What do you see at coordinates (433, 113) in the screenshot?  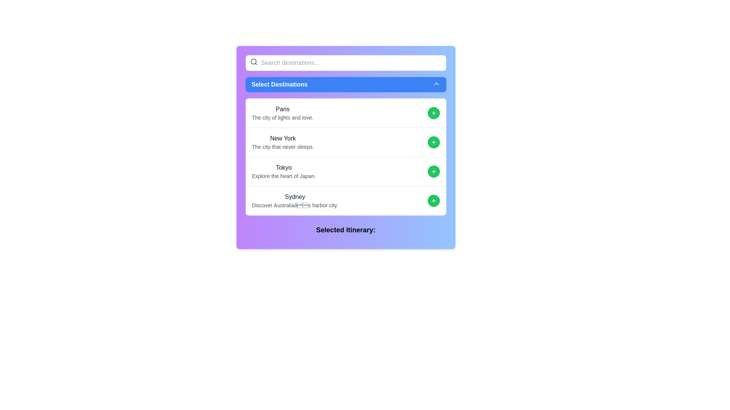 I see `the button` at bounding box center [433, 113].